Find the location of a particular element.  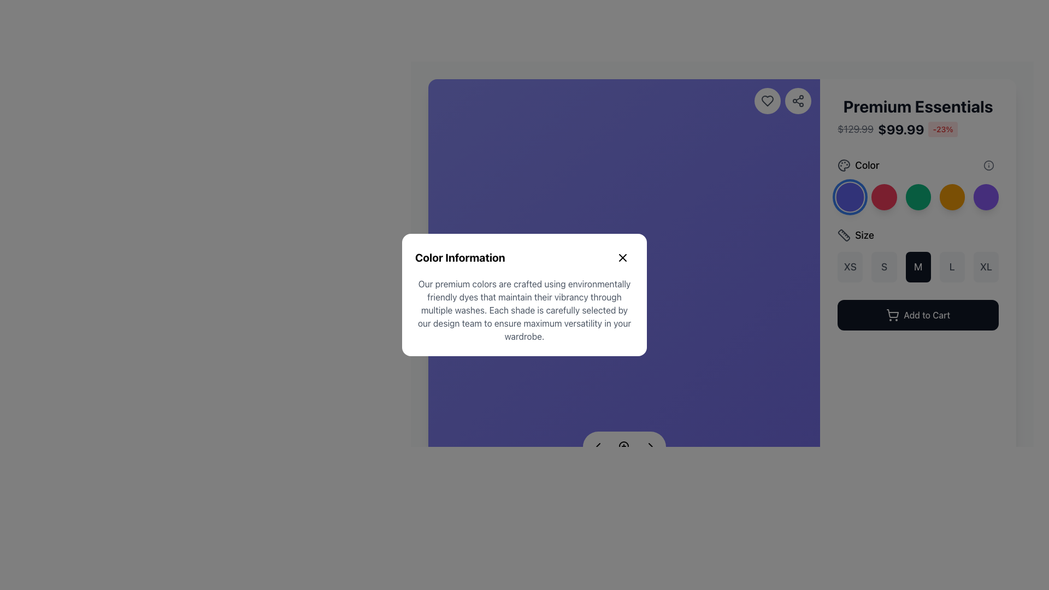

the static text display that shows critical product information, including name, pricing, and discounts, located at the top right of the product presentation area is located at coordinates (918, 117).